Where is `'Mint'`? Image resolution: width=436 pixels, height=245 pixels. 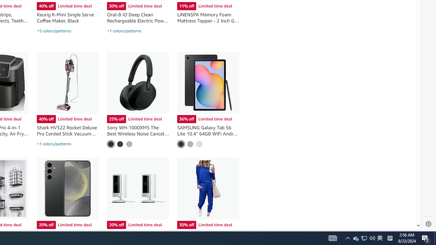 'Mint' is located at coordinates (199, 144).